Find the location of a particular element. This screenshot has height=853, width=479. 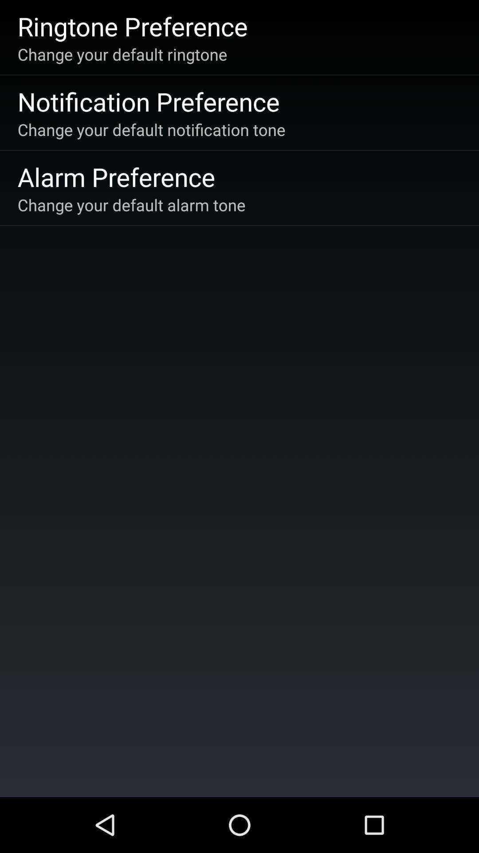

the app below change your default is located at coordinates (116, 176).